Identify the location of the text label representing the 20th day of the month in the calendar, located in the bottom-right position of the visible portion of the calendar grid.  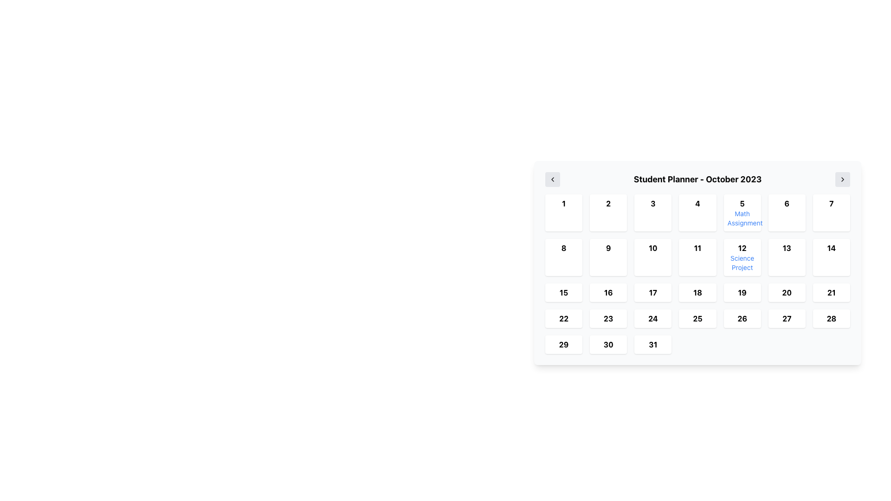
(786, 293).